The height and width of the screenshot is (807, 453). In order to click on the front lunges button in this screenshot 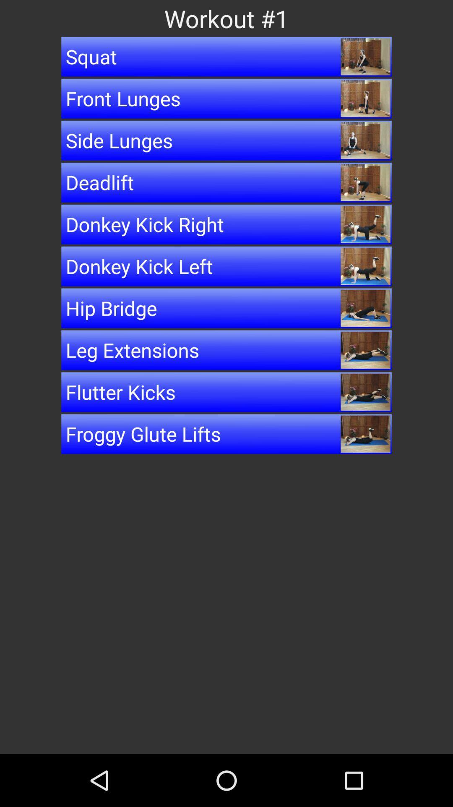, I will do `click(226, 98)`.